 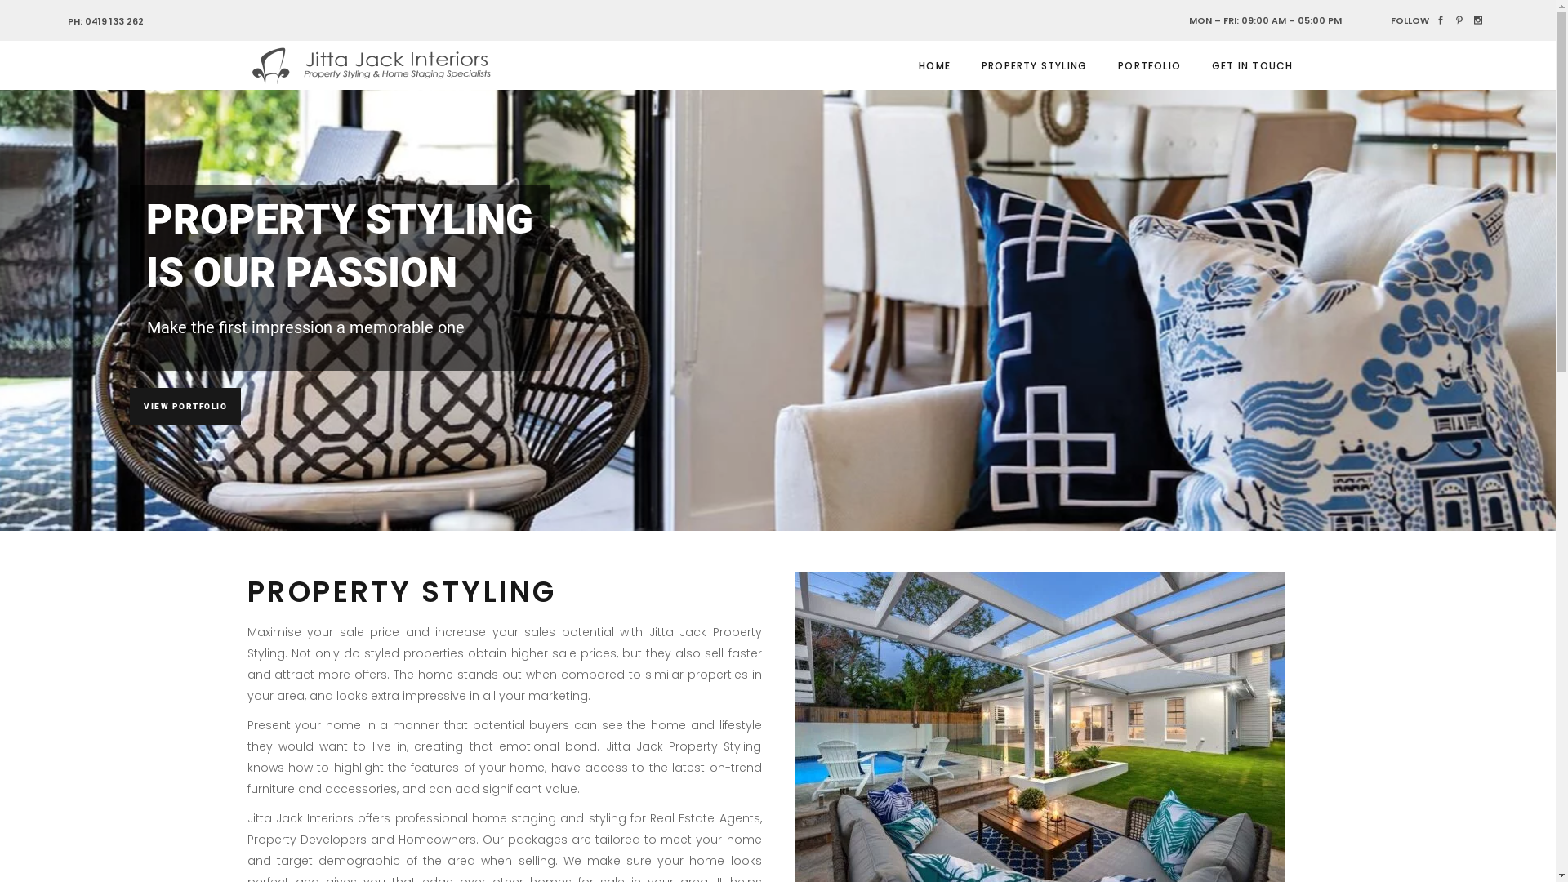 What do you see at coordinates (953, 831) in the screenshot?
I see `'Home'` at bounding box center [953, 831].